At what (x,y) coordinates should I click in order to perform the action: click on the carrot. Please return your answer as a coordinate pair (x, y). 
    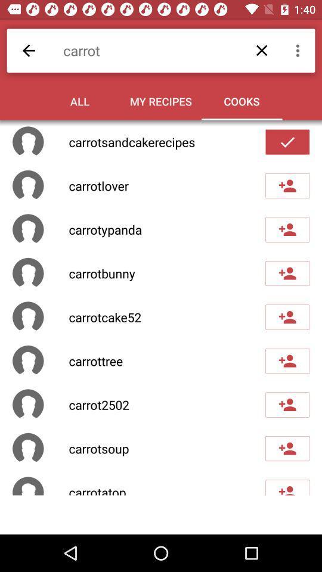
    Looking at the image, I should click on (166, 50).